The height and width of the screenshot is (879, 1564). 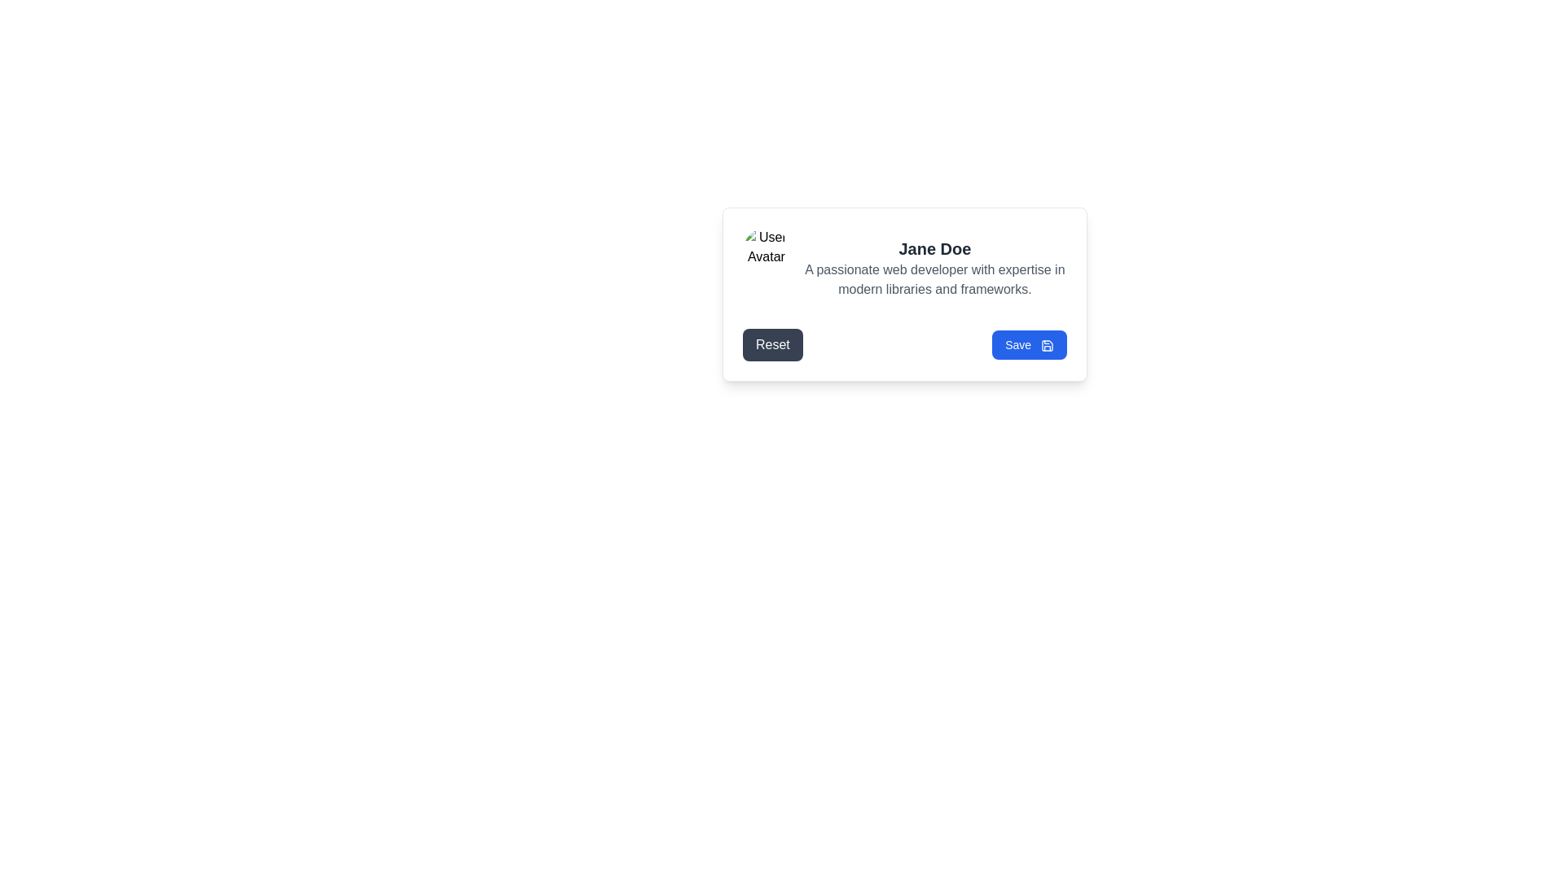 What do you see at coordinates (771, 344) in the screenshot?
I see `the 'Reset' button, which is a rectangular button with rounded corners, dark gray background, and white text, to observe any visual effect` at bounding box center [771, 344].